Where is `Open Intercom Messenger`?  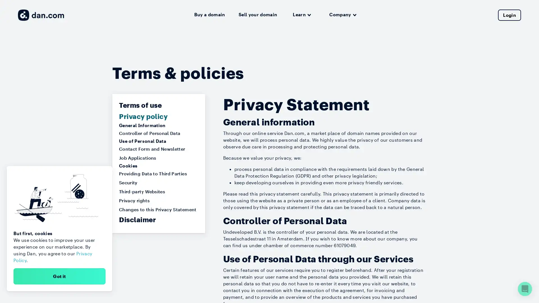
Open Intercom Messenger is located at coordinates (525, 289).